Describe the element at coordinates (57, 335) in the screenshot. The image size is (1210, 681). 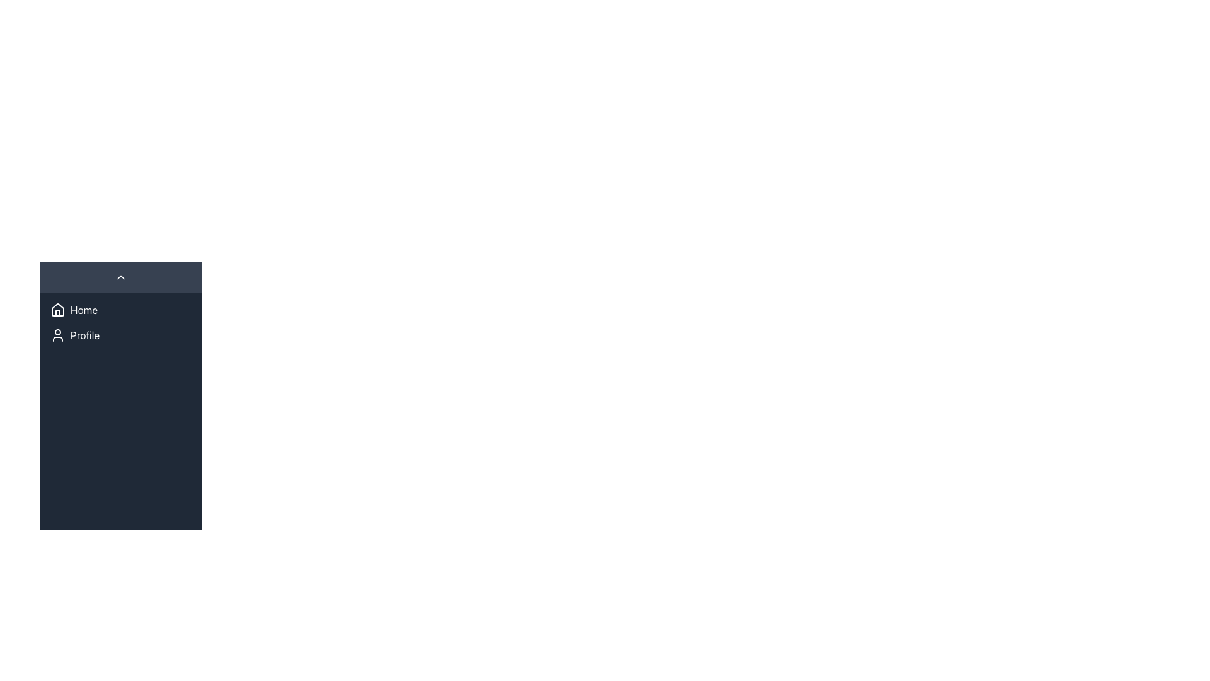
I see `the profile icon located in the vertical sidebar menu` at that location.